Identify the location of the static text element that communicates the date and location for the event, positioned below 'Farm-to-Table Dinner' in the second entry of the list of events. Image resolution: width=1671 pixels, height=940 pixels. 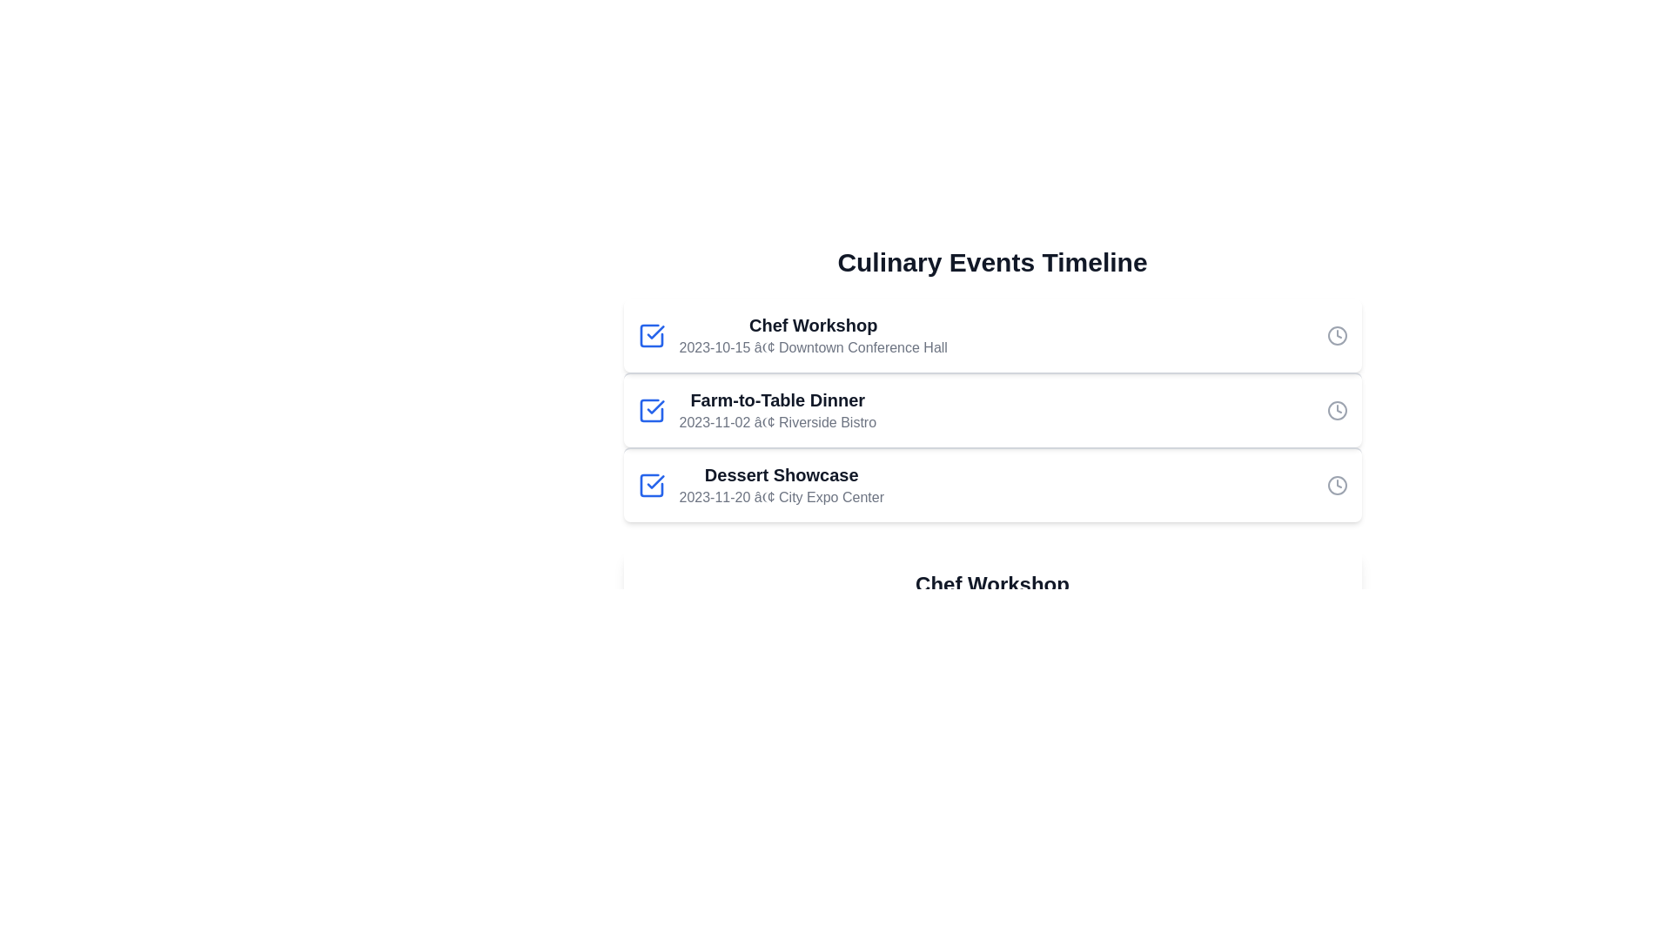
(776, 423).